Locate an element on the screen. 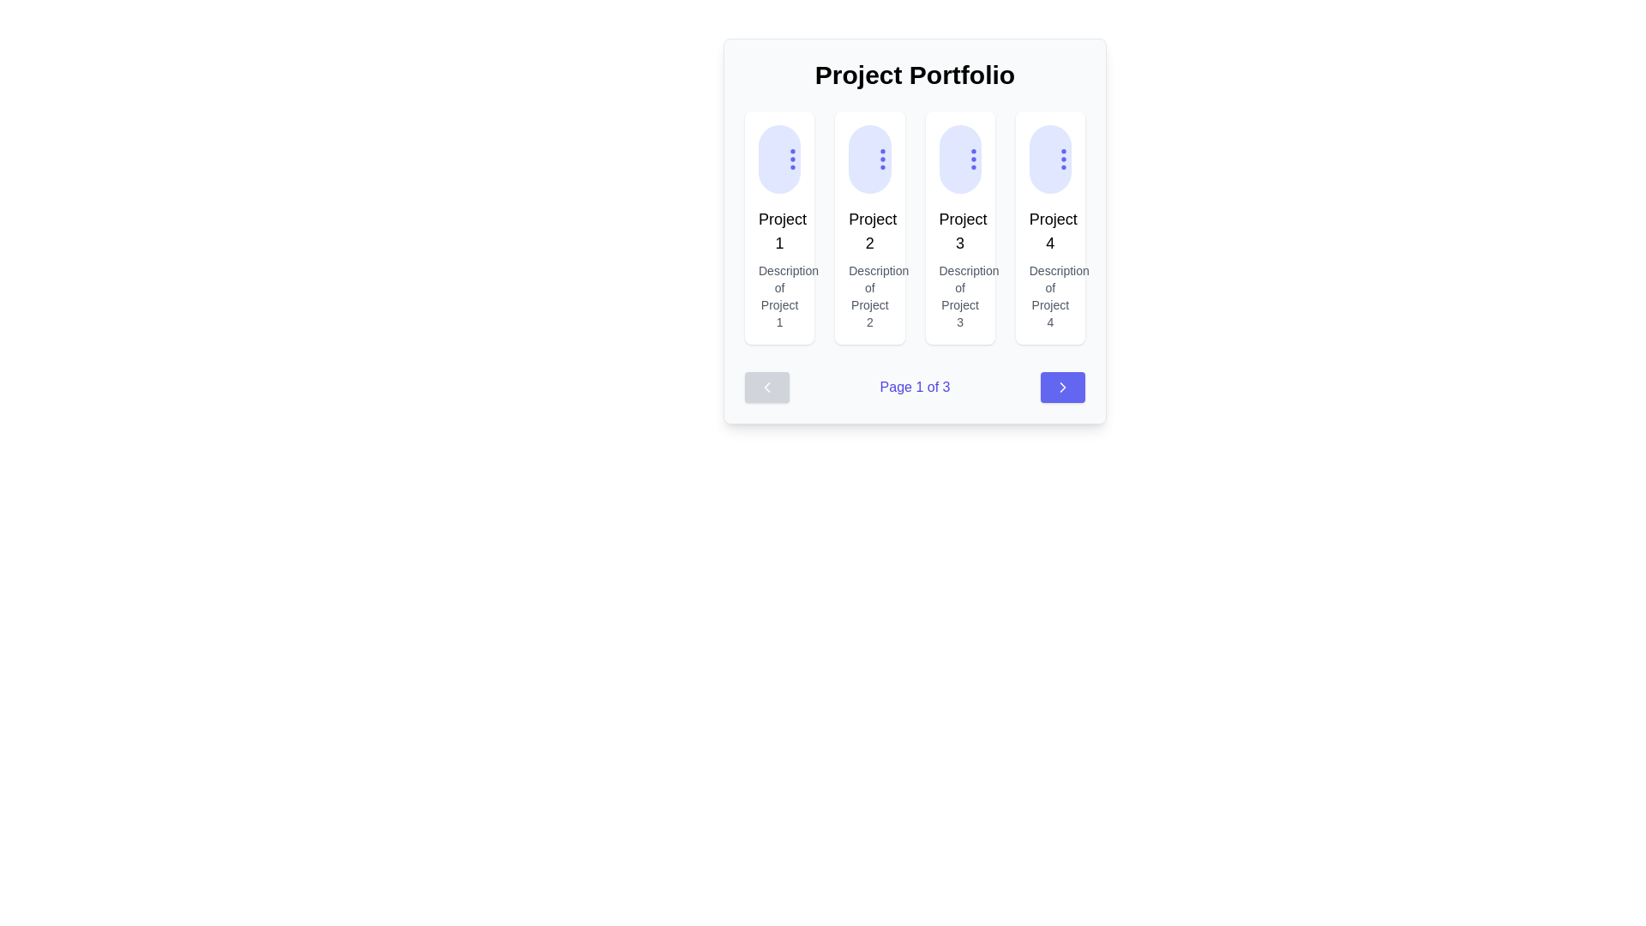 This screenshot has width=1646, height=926. the navigation button located to the right of the 'Page 1 of 3' label, which allows users is located at coordinates (1061, 387).